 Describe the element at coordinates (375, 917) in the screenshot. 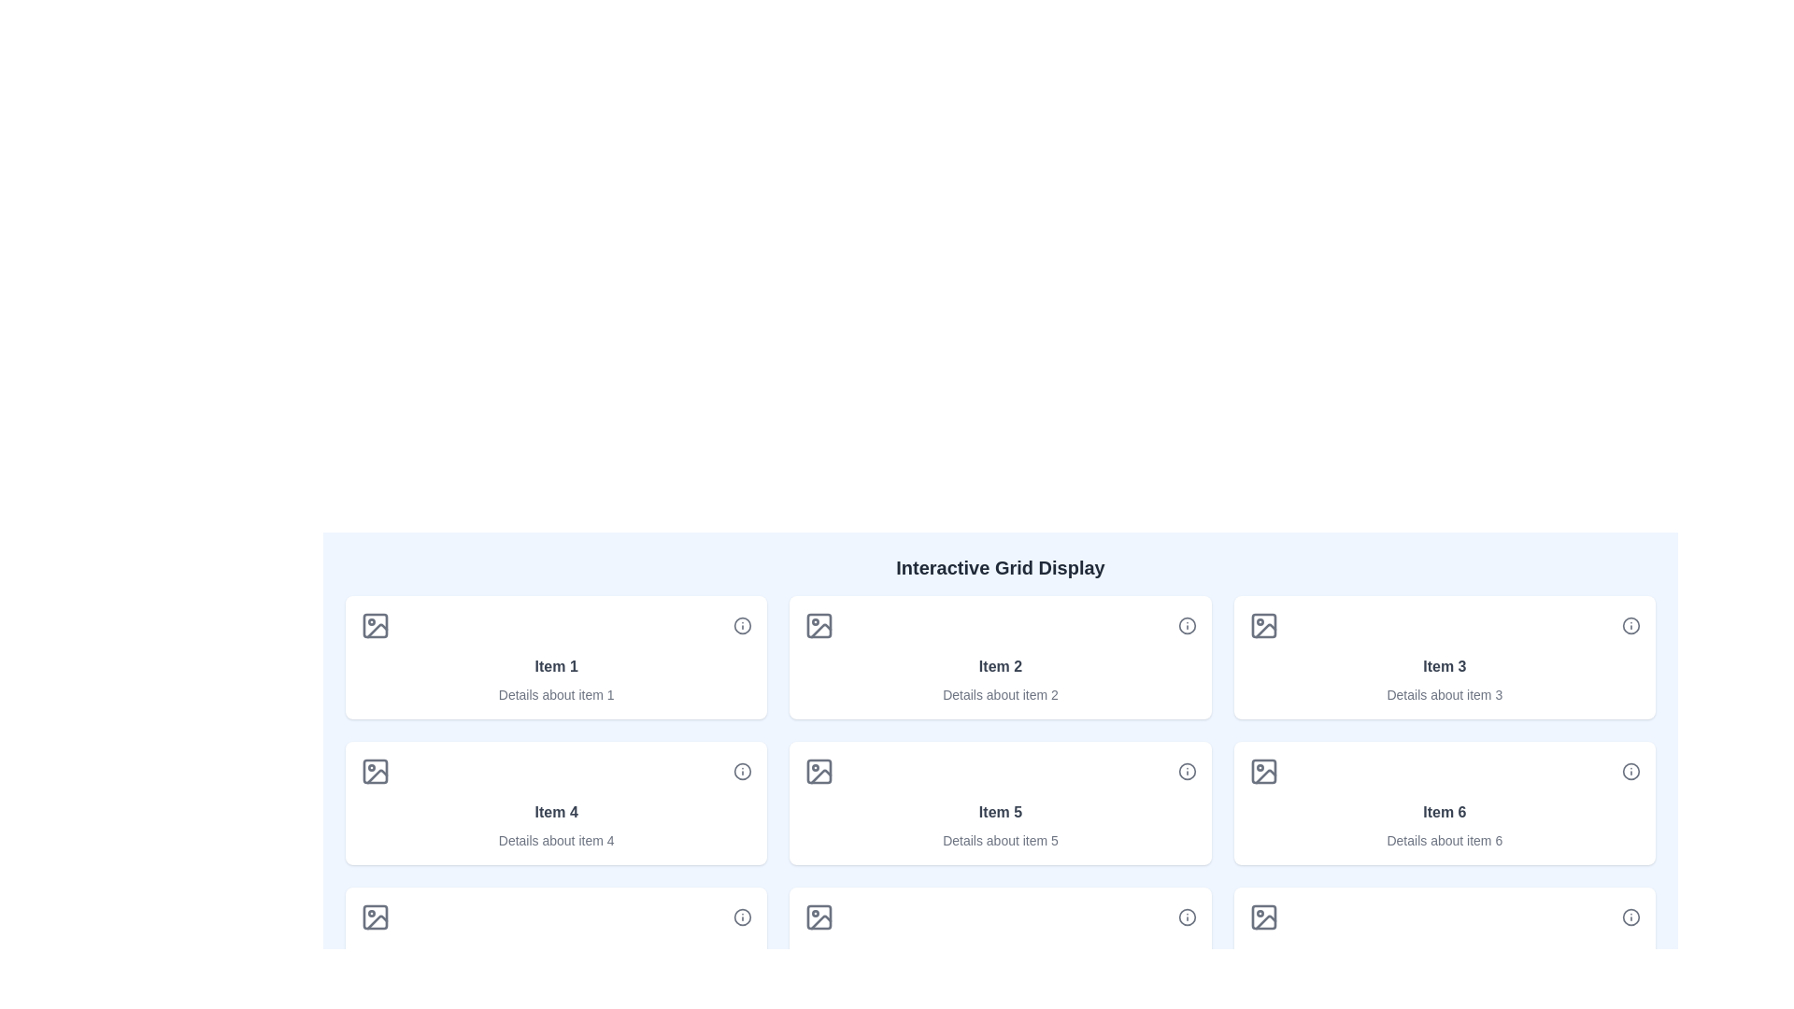

I see `the SVG rectangular shape that represents an image placeholder in the bottom-left tile of the grid interface` at that location.